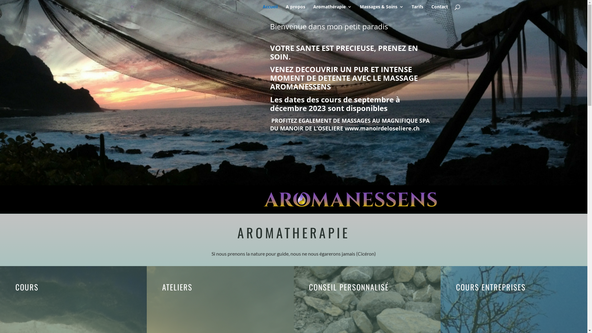 The height and width of the screenshot is (333, 592). I want to click on 'Contact', so click(439, 9).